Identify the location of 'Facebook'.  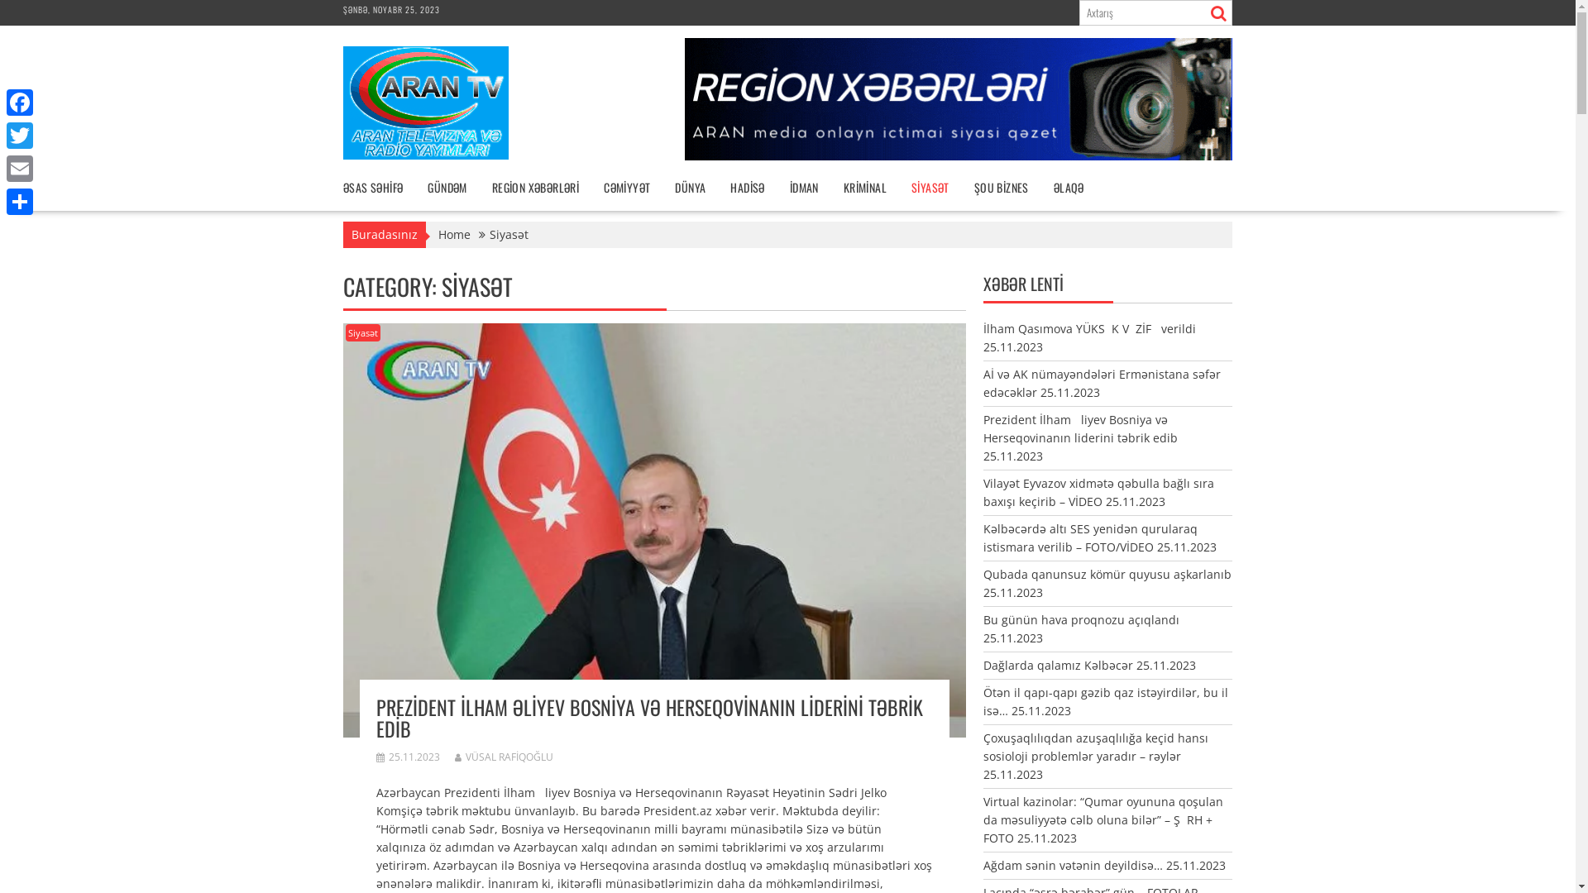
(20, 102).